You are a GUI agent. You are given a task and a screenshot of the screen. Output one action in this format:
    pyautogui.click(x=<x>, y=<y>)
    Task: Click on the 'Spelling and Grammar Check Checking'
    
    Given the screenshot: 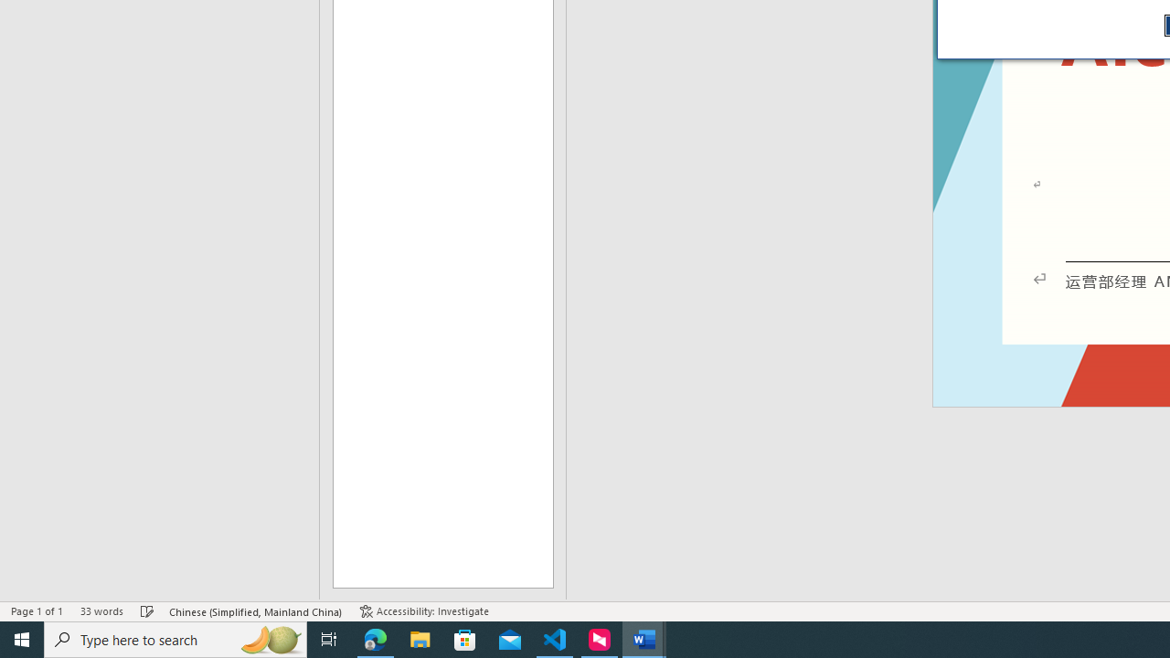 What is the action you would take?
    pyautogui.click(x=147, y=611)
    